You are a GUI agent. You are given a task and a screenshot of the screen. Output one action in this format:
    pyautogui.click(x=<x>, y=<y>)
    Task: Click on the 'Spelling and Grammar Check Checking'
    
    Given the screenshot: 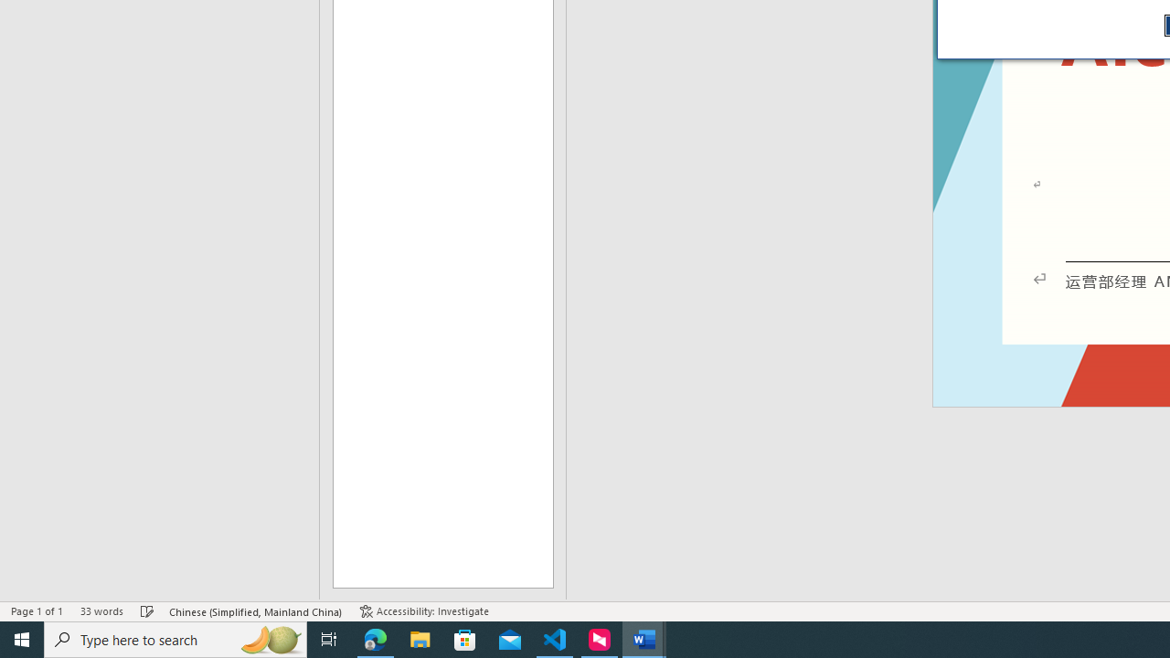 What is the action you would take?
    pyautogui.click(x=147, y=611)
    